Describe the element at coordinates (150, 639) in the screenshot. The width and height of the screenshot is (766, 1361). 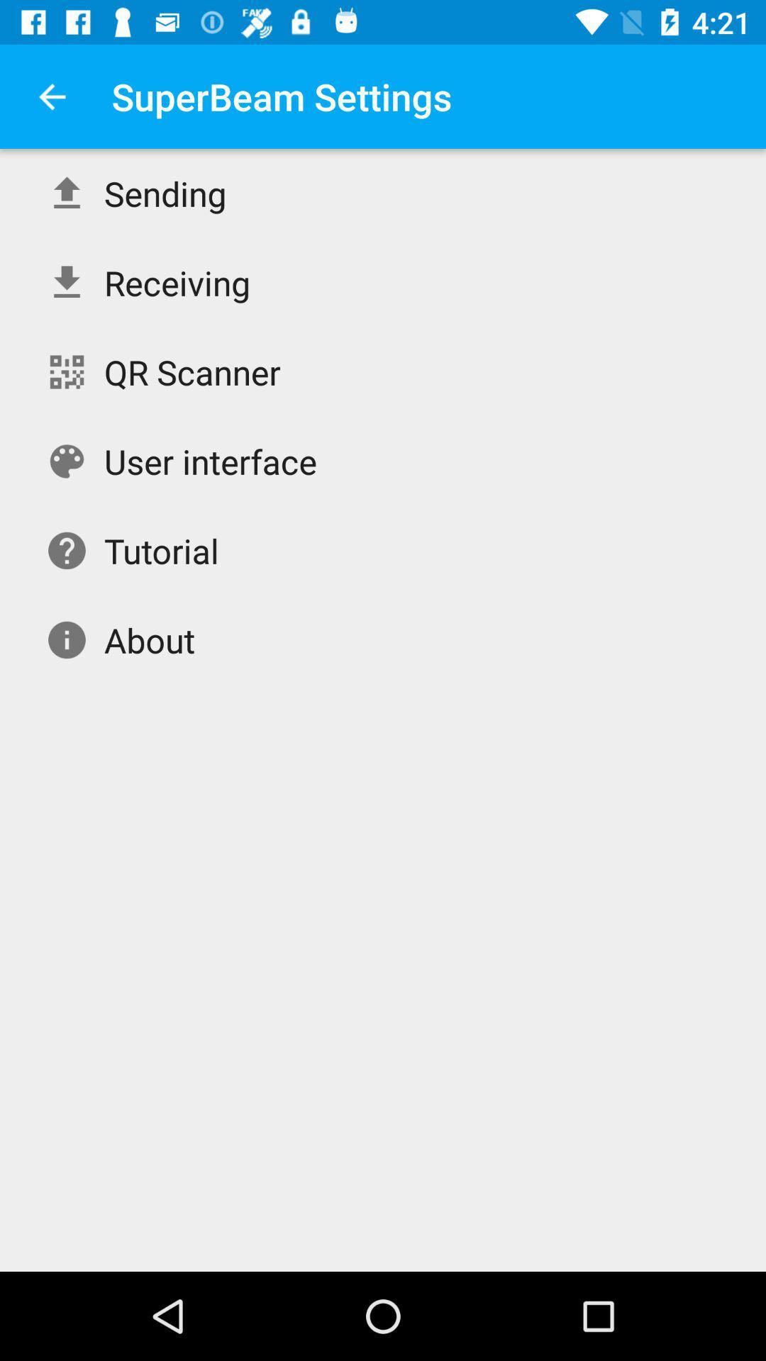
I see `icon below tutorial app` at that location.